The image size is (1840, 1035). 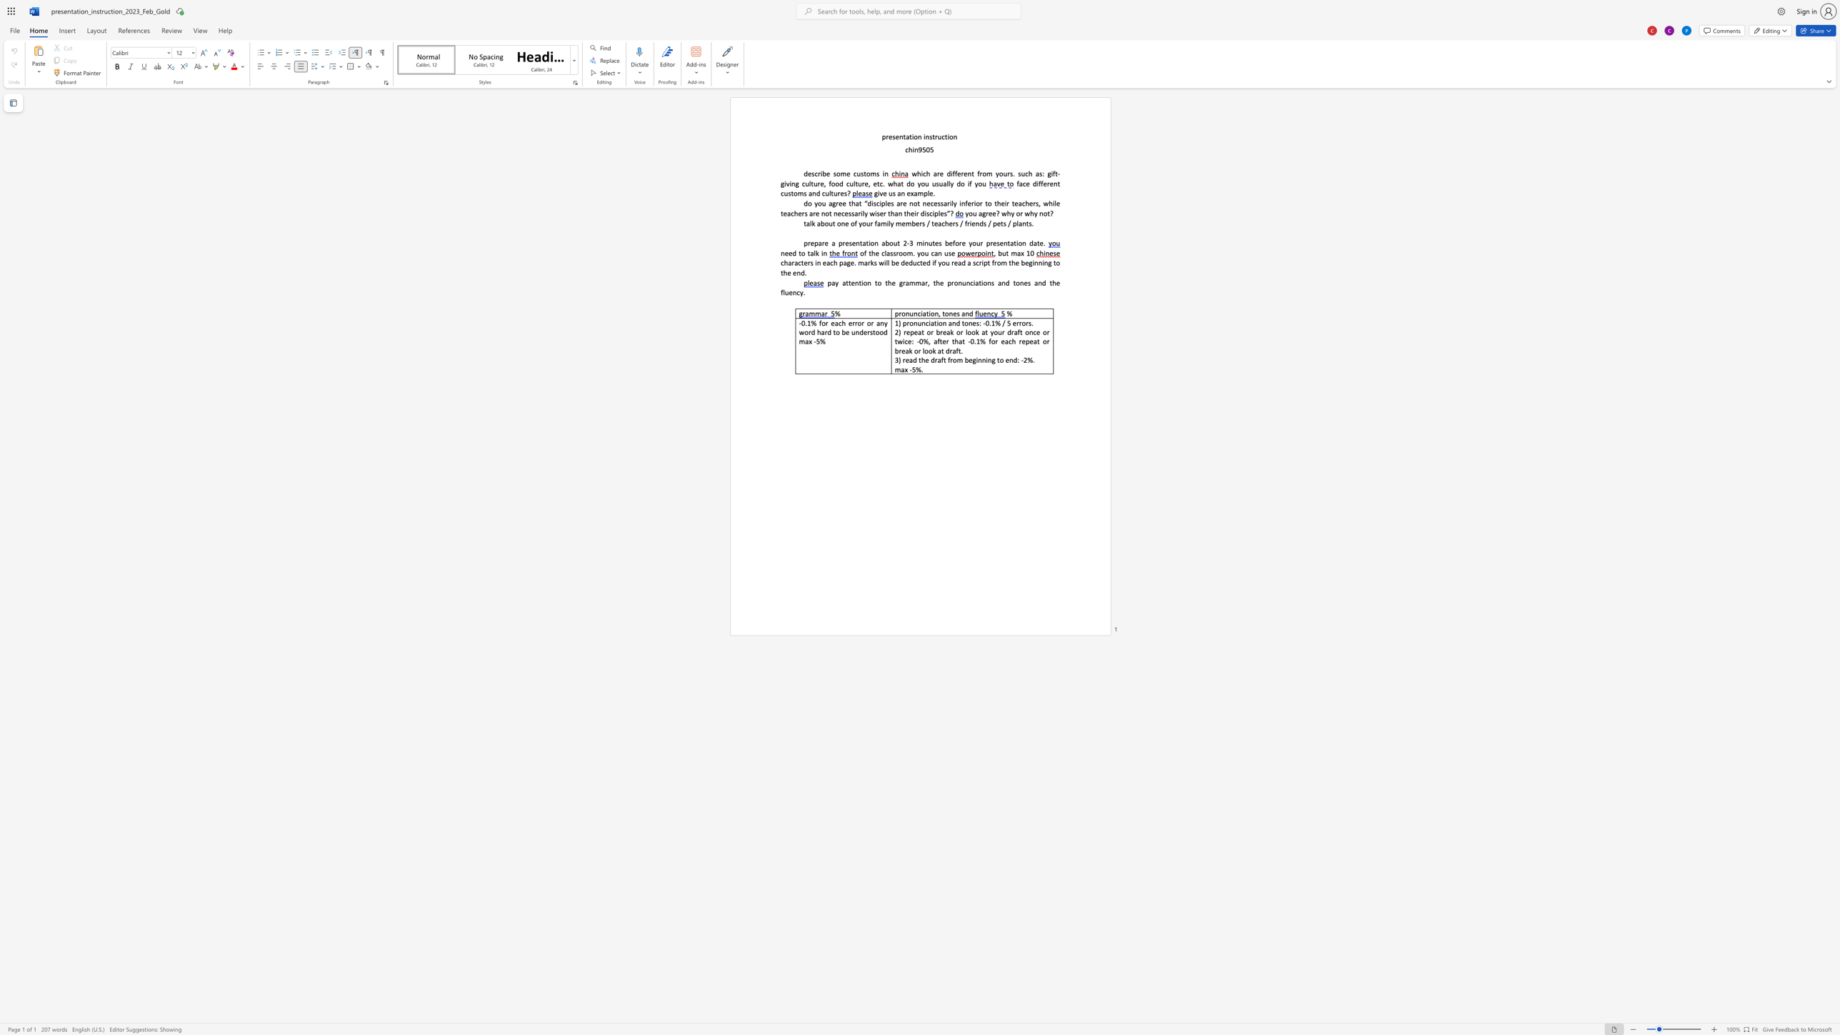 I want to click on the 1th character "t" in the text, so click(x=904, y=136).